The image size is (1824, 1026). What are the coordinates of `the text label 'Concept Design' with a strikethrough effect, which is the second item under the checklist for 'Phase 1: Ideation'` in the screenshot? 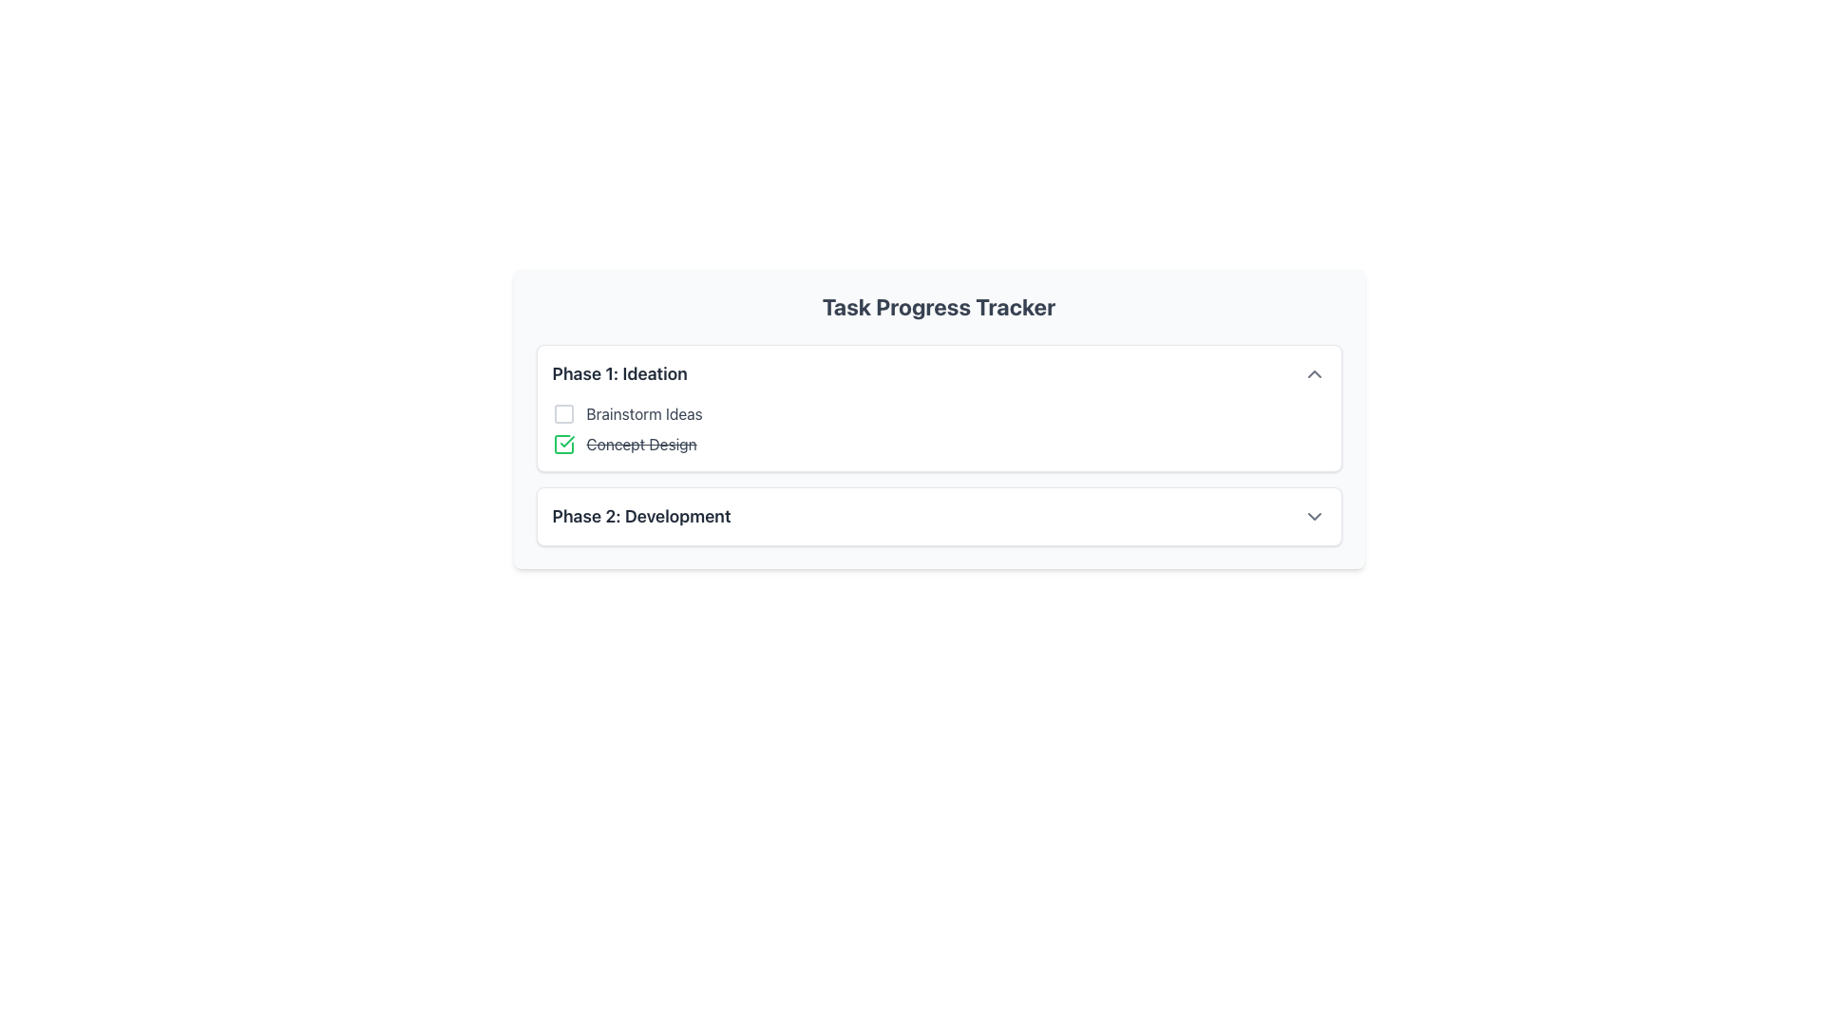 It's located at (641, 444).